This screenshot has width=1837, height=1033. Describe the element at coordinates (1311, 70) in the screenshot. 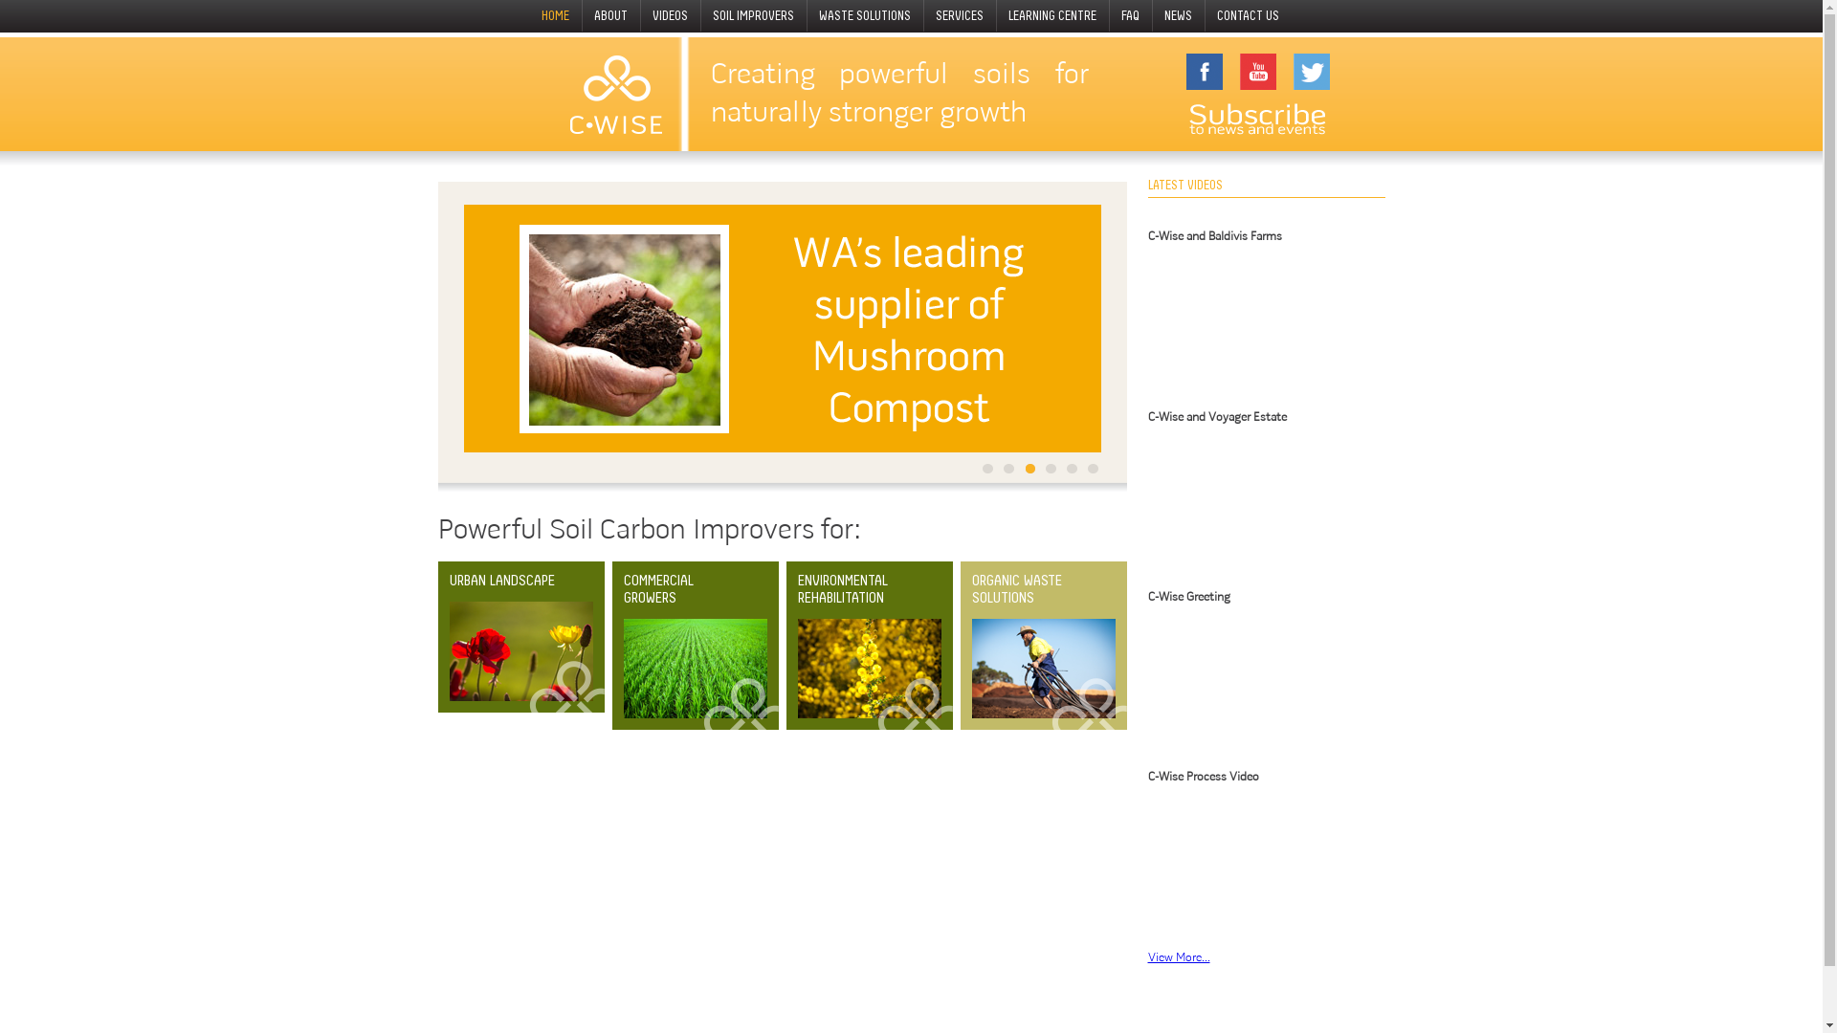

I see `'Twitter'` at that location.